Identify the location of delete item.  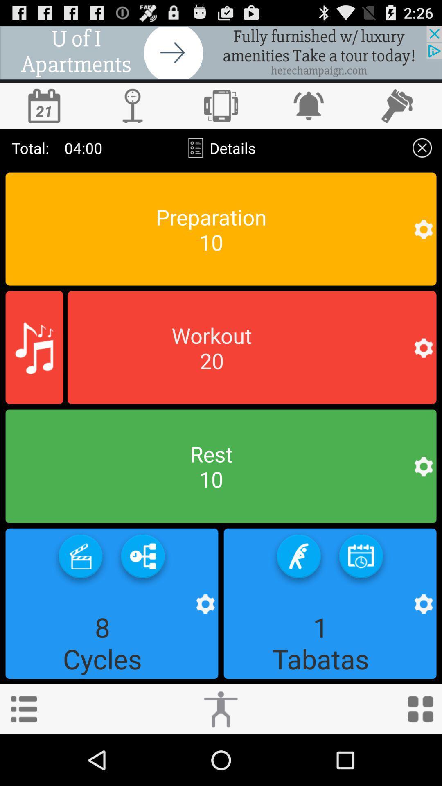
(422, 148).